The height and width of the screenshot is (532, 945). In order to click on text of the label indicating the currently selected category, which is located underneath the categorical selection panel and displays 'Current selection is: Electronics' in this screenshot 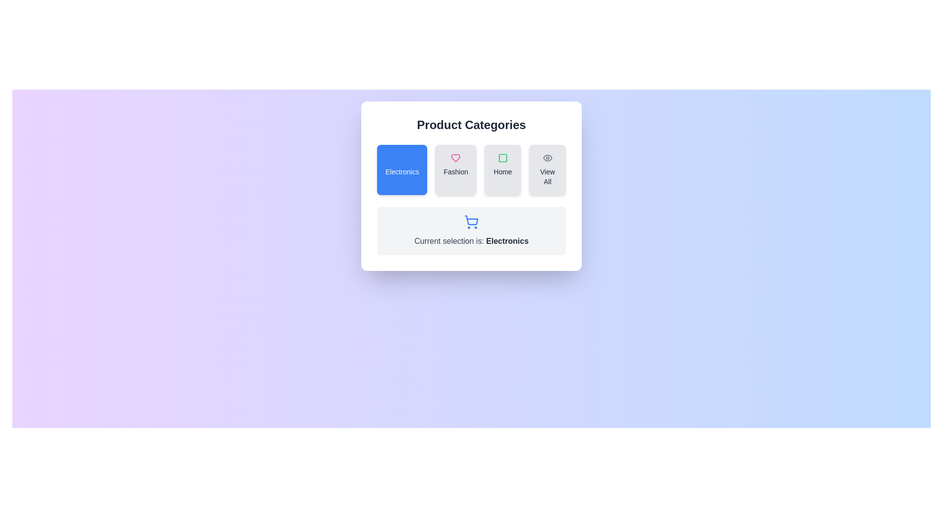, I will do `click(507, 241)`.